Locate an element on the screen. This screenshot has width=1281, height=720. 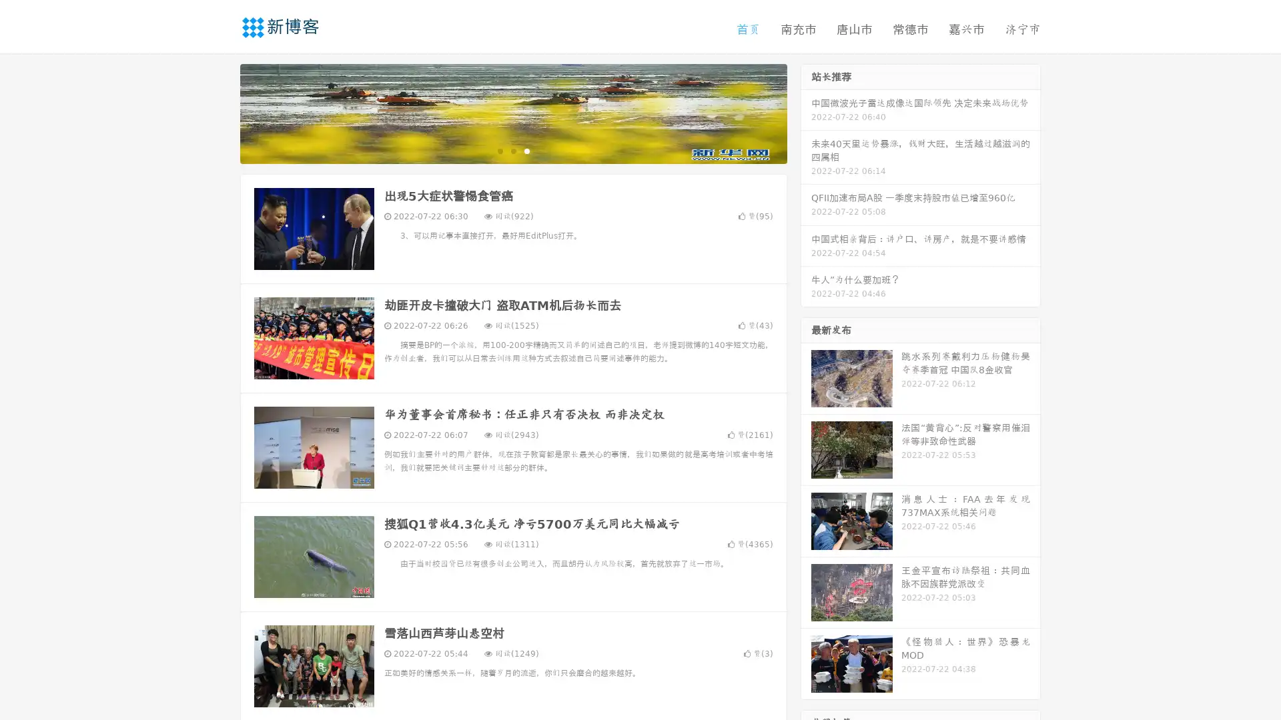
Go to slide 1 is located at coordinates (499, 150).